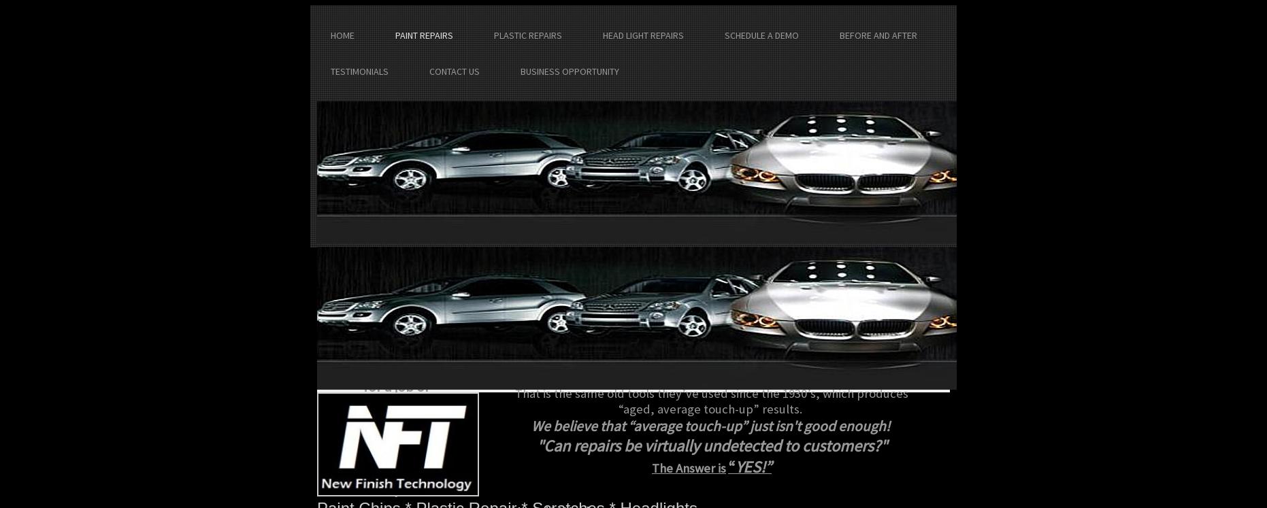  What do you see at coordinates (712, 401) in the screenshot?
I see `'That is the same old tools they’ve used since the 1930’s, which produces “aged, average touch-up”
results.'` at bounding box center [712, 401].